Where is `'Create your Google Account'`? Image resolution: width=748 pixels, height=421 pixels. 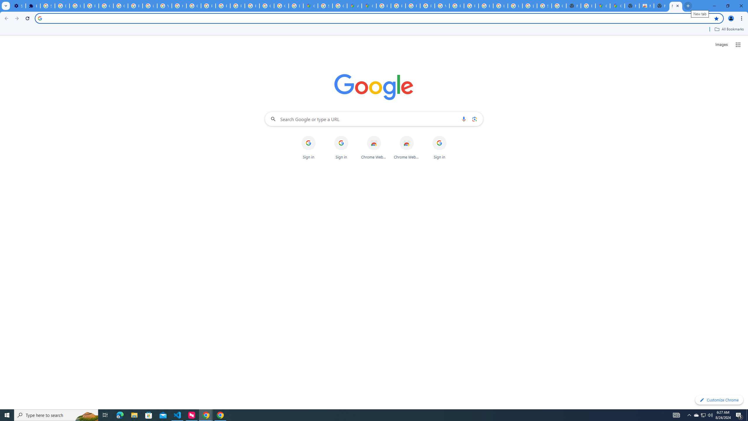 'Create your Google Account' is located at coordinates (340, 6).